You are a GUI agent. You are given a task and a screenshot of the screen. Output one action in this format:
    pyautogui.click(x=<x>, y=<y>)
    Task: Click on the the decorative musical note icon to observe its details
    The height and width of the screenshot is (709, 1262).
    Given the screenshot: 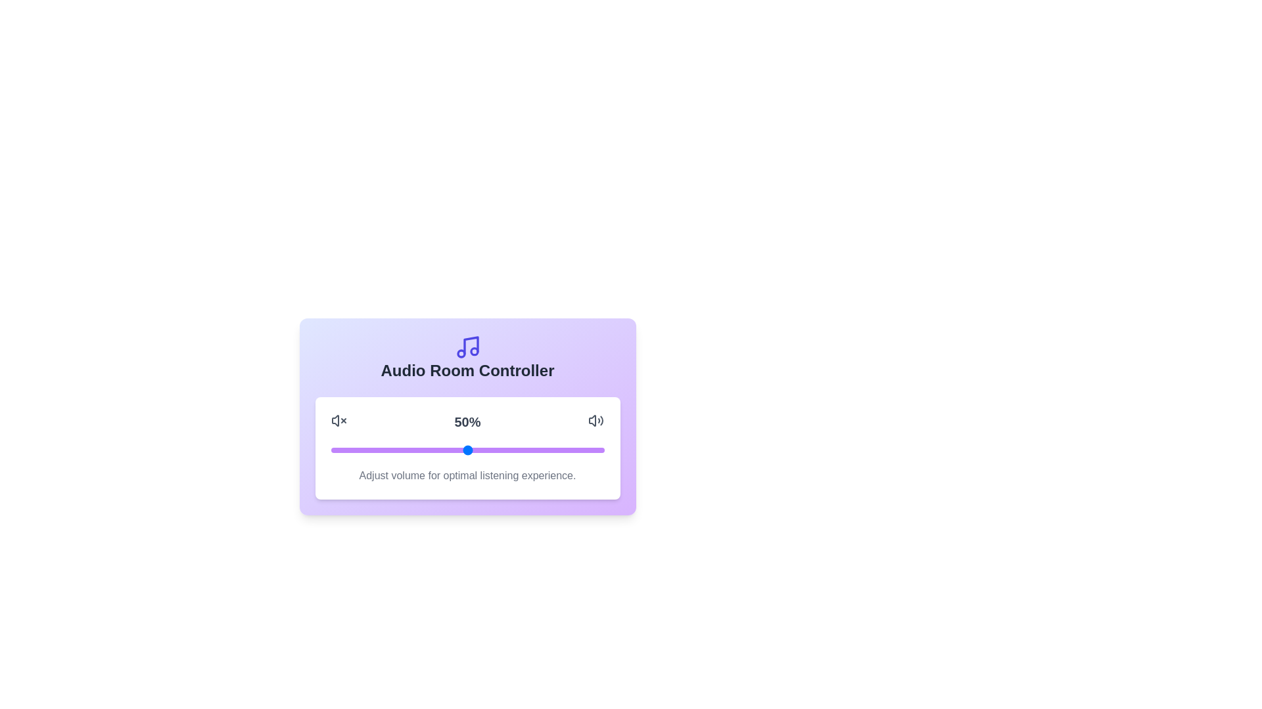 What is the action you would take?
    pyautogui.click(x=467, y=346)
    